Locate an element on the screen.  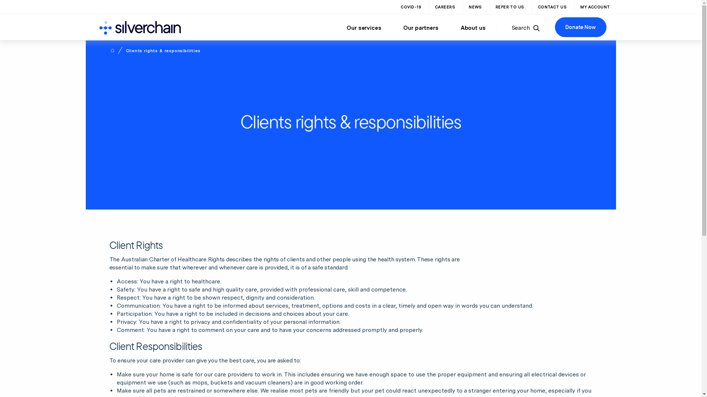
'About us' is located at coordinates (449, 28).